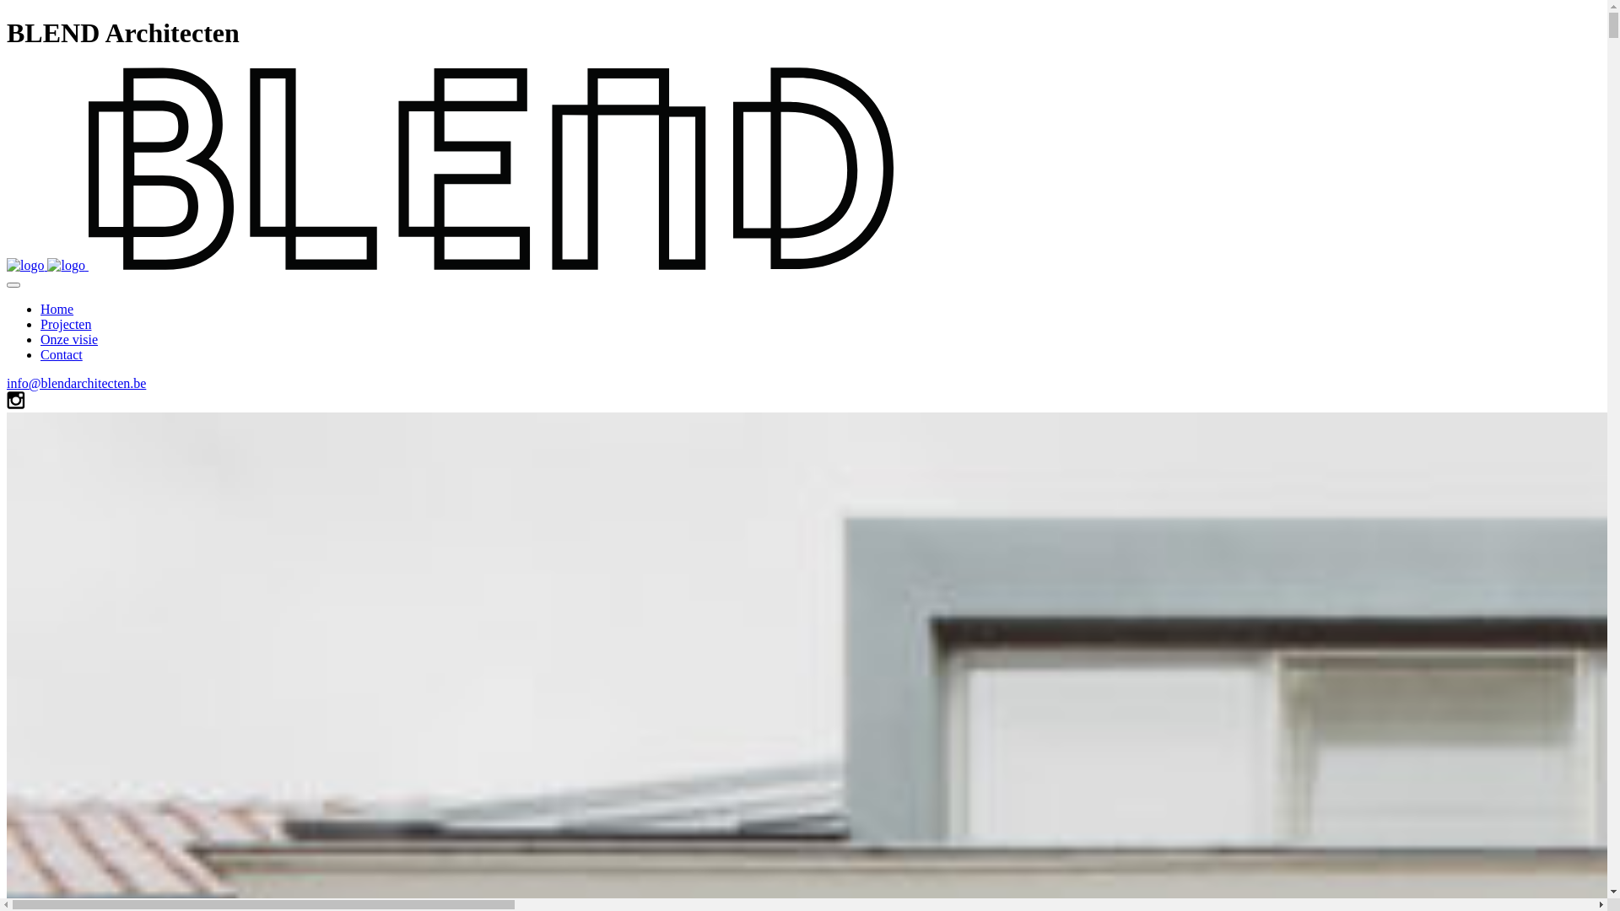 The image size is (1620, 911). What do you see at coordinates (67, 339) in the screenshot?
I see `'Onze visie'` at bounding box center [67, 339].